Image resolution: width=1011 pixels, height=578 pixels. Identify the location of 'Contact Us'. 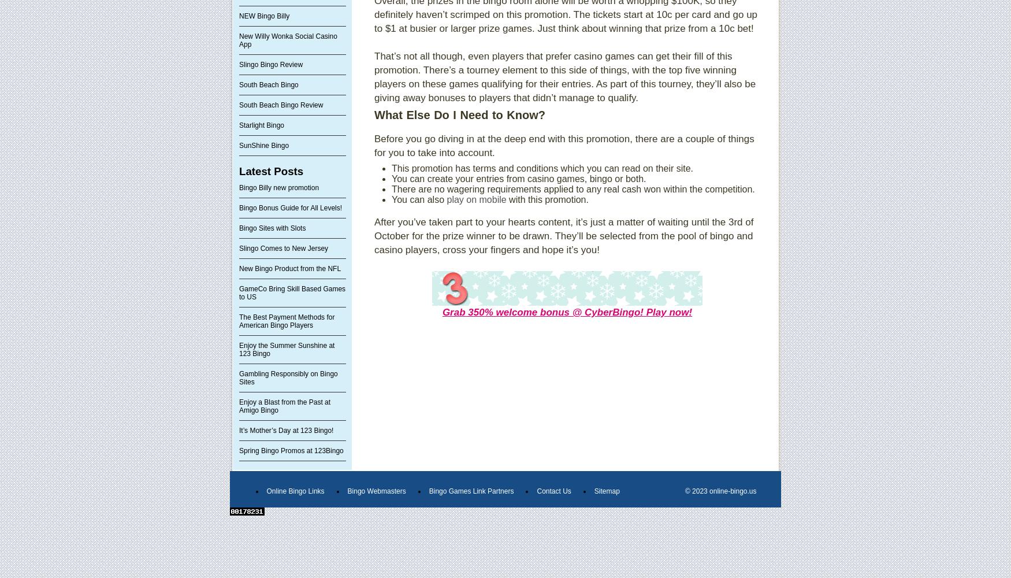
(553, 491).